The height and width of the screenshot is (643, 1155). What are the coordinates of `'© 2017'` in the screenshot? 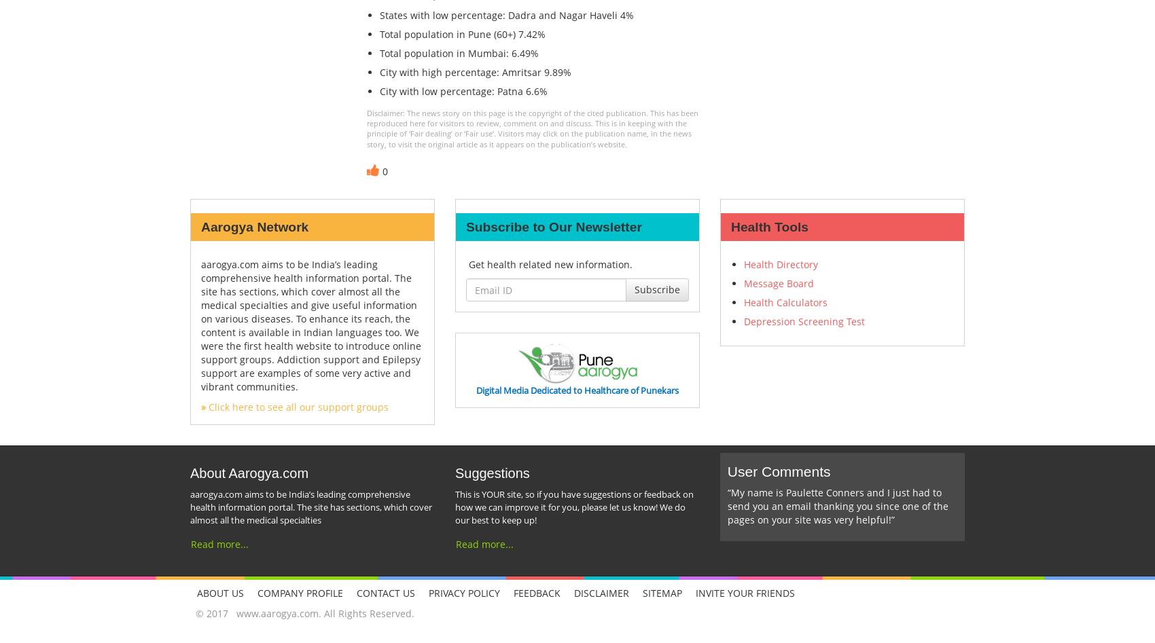 It's located at (213, 612).